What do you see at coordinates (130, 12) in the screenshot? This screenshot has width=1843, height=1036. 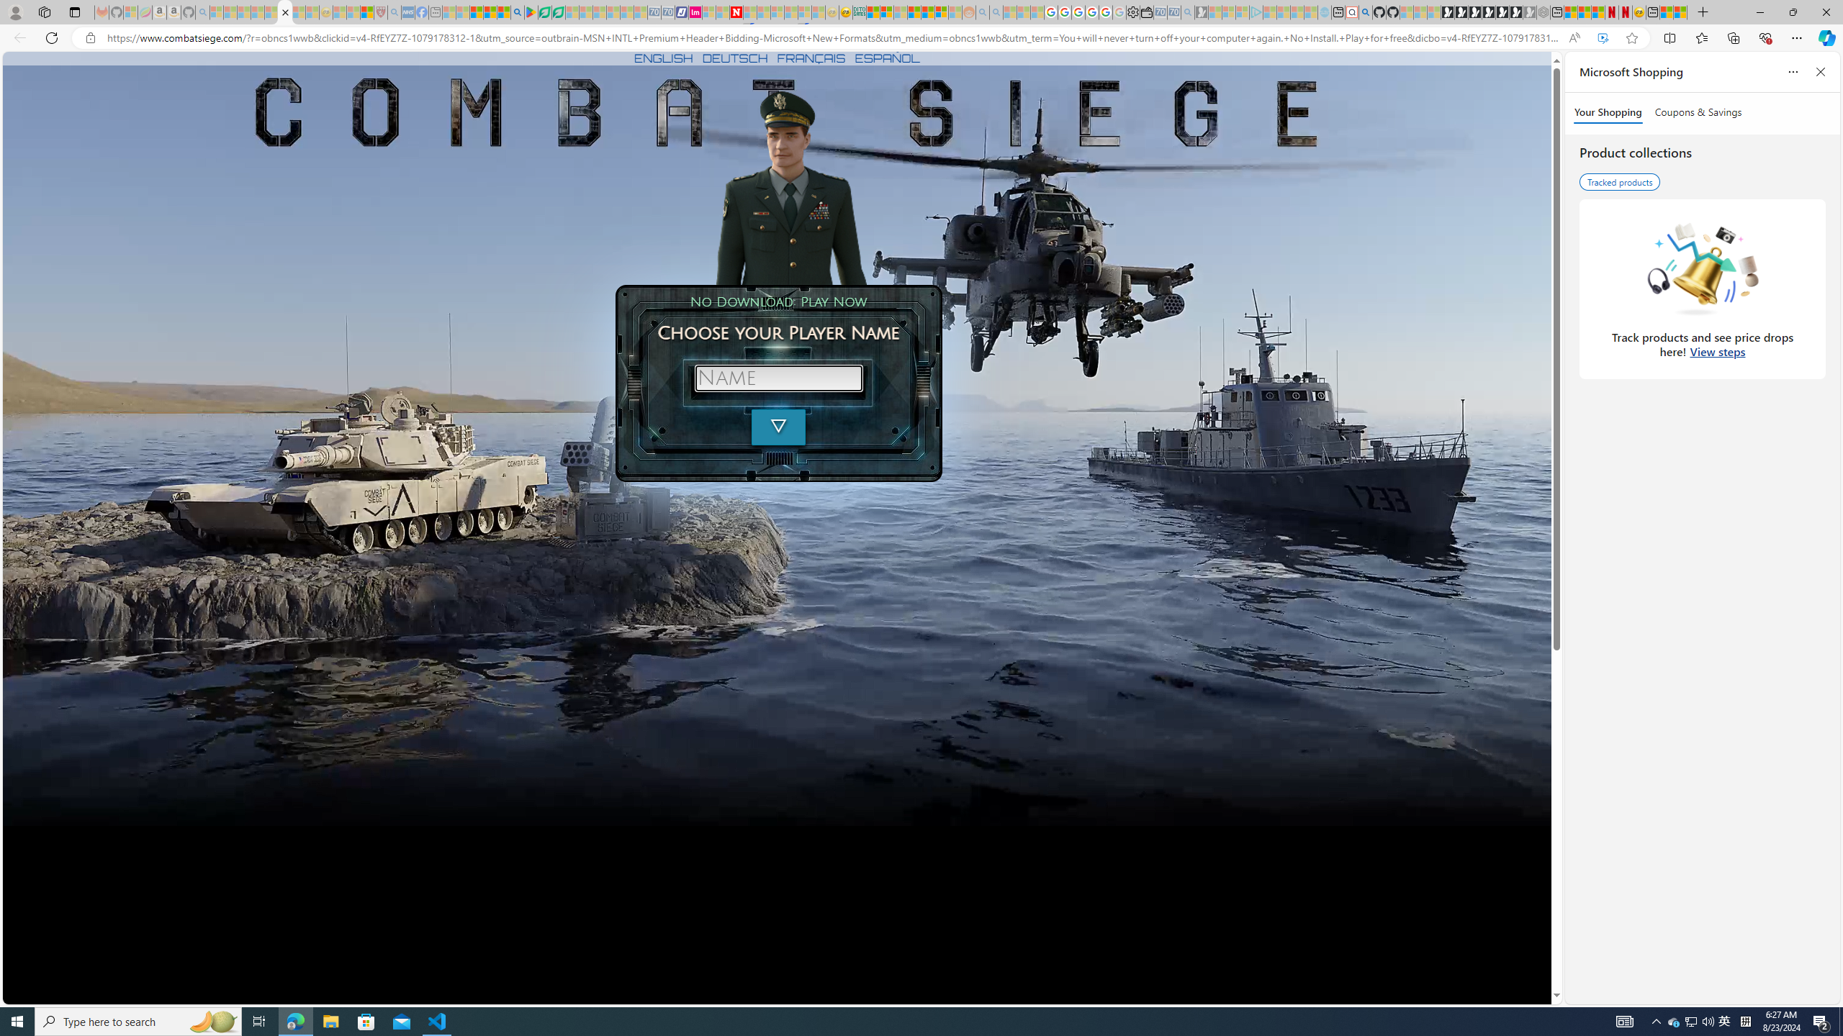 I see `'Microsoft-Report a Concern to Bing - Sleeping'` at bounding box center [130, 12].